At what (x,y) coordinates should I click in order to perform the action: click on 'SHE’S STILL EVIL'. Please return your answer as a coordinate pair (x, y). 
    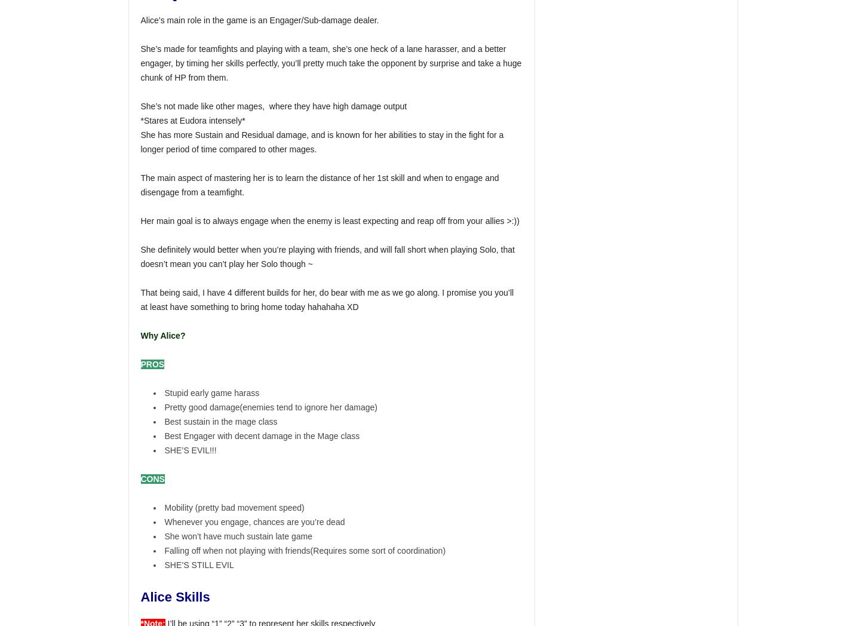
    Looking at the image, I should click on (164, 565).